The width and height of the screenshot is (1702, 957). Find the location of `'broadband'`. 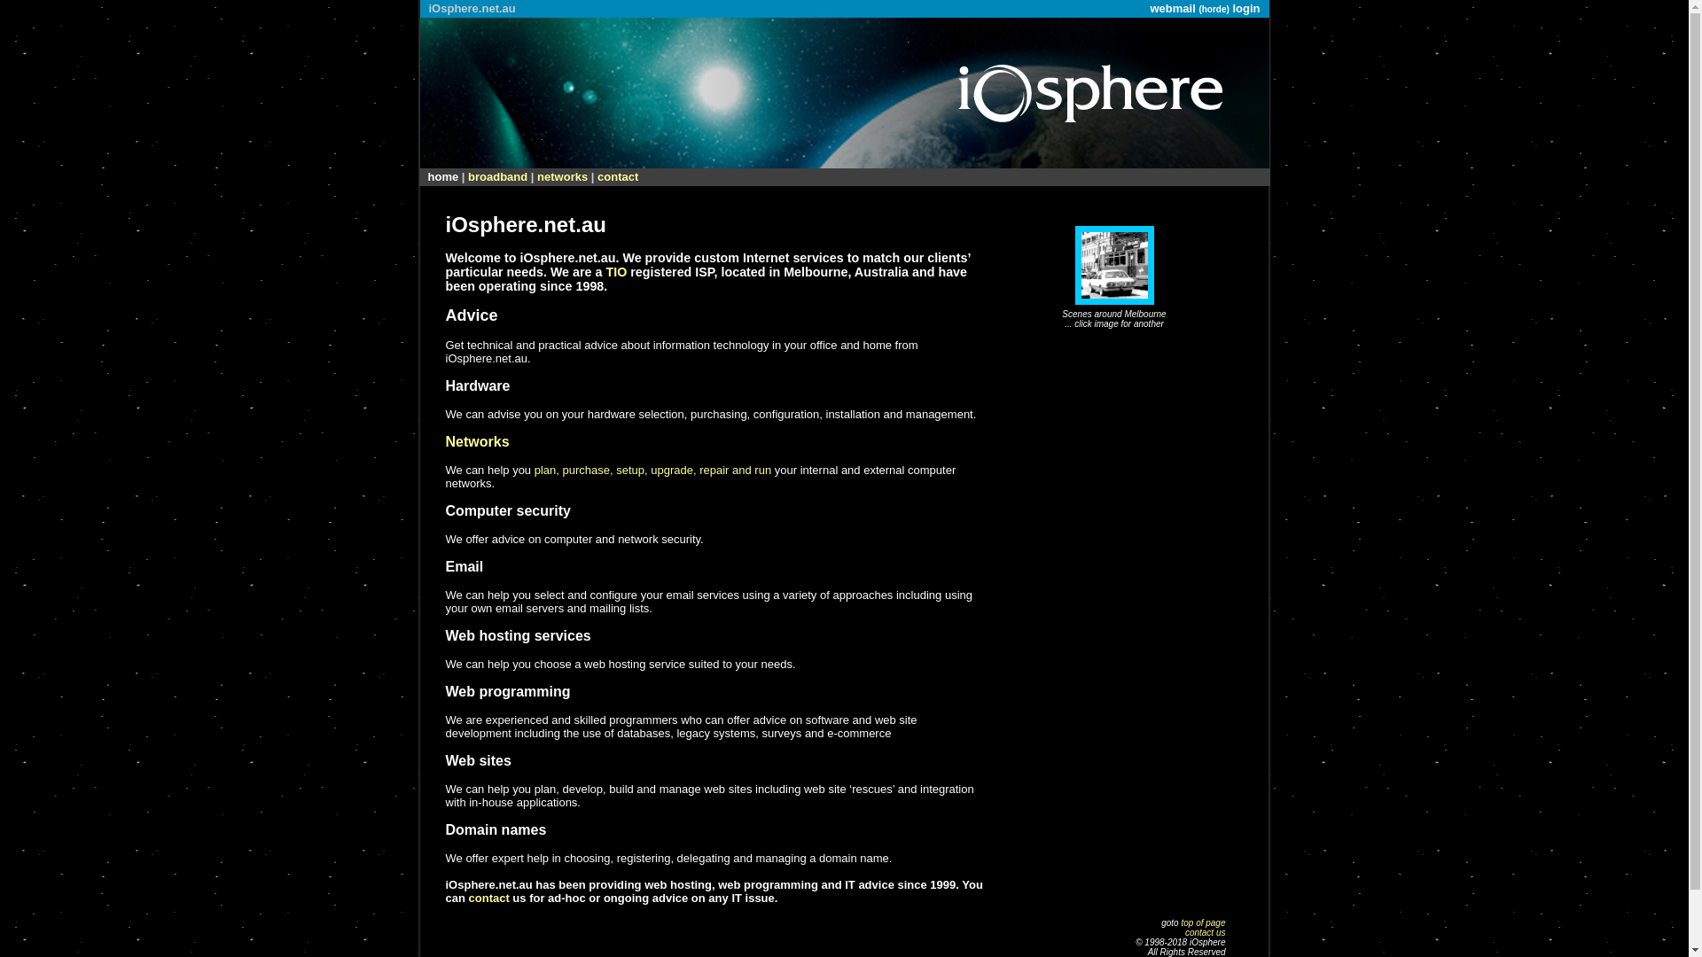

'broadband' is located at coordinates (496, 176).